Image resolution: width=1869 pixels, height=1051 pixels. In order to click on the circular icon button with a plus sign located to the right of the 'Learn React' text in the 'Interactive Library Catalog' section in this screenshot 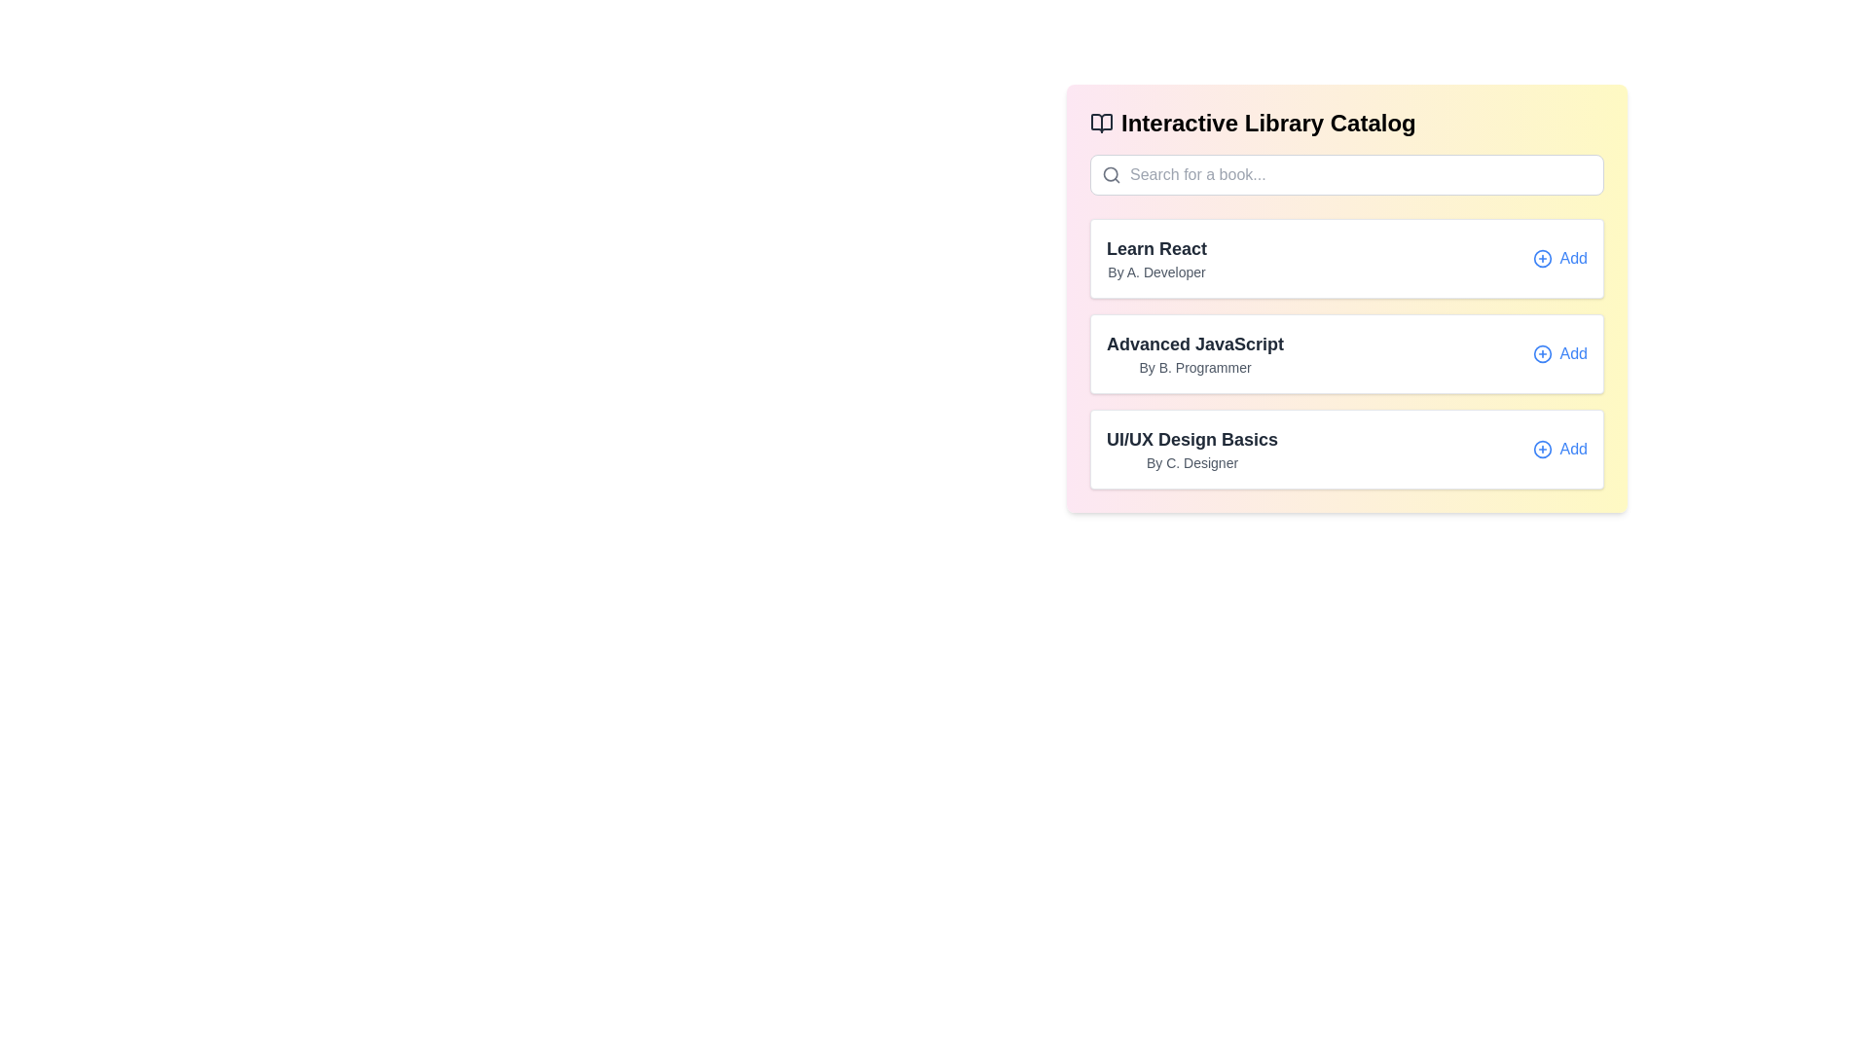, I will do `click(1541, 258)`.